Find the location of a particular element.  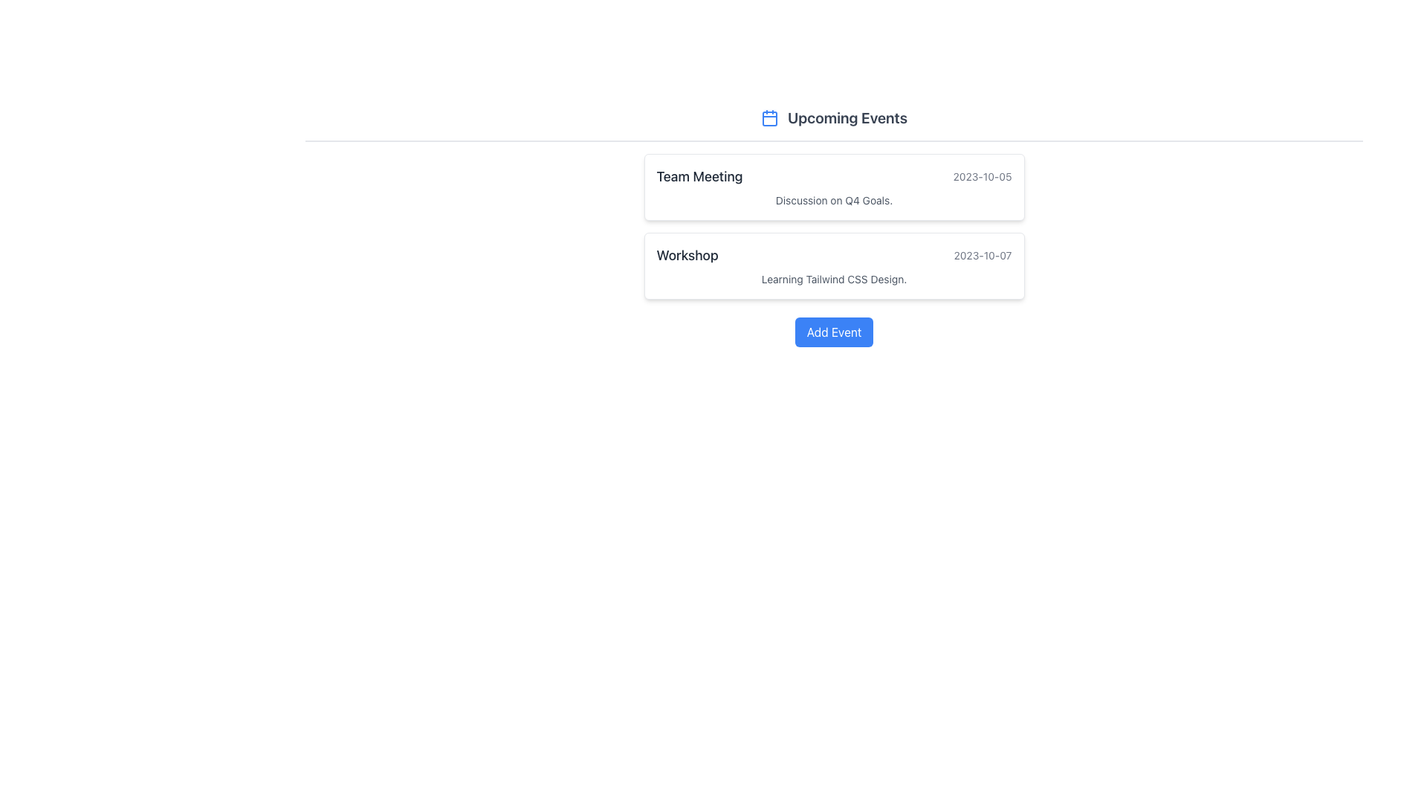

the calendar icon located at the top-left of the 'Upcoming Events' section, preceding the text 'Upcoming Events' is located at coordinates (770, 117).